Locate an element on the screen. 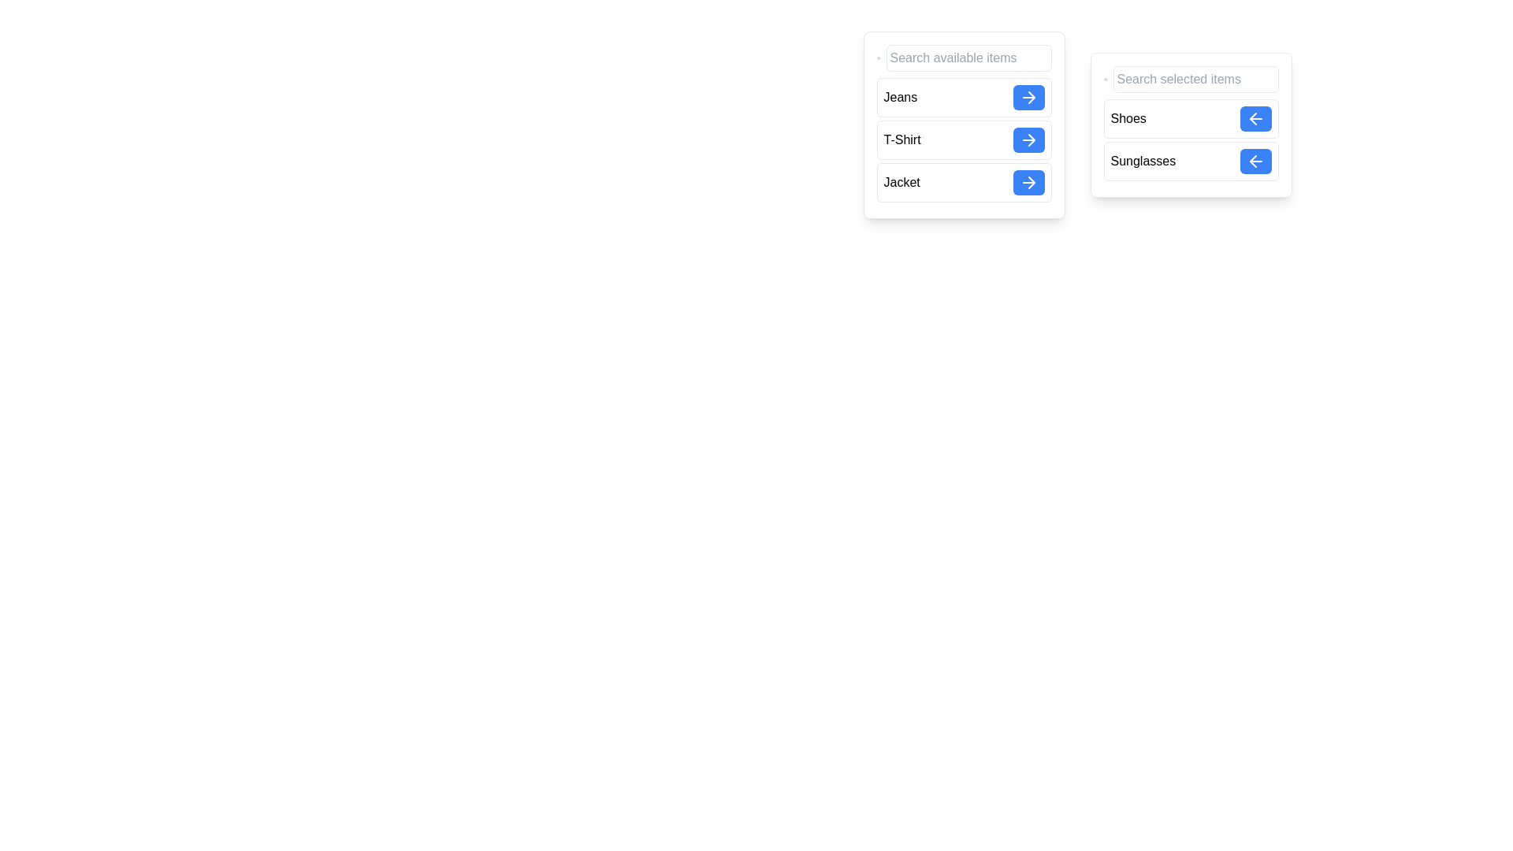  the static text label for 'Sunglasses' located under the header 'Search selected items' in the right panel, which is situated below 'Shoes' and to the left of an arrow icon is located at coordinates (1143, 161).